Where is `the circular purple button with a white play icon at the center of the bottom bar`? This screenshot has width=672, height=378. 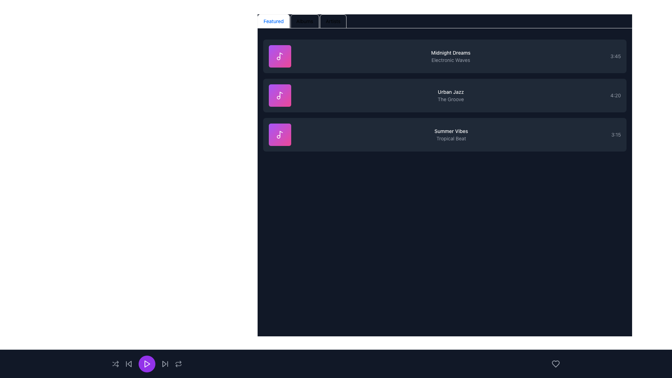 the circular purple button with a white play icon at the center of the bottom bar is located at coordinates (147, 364).